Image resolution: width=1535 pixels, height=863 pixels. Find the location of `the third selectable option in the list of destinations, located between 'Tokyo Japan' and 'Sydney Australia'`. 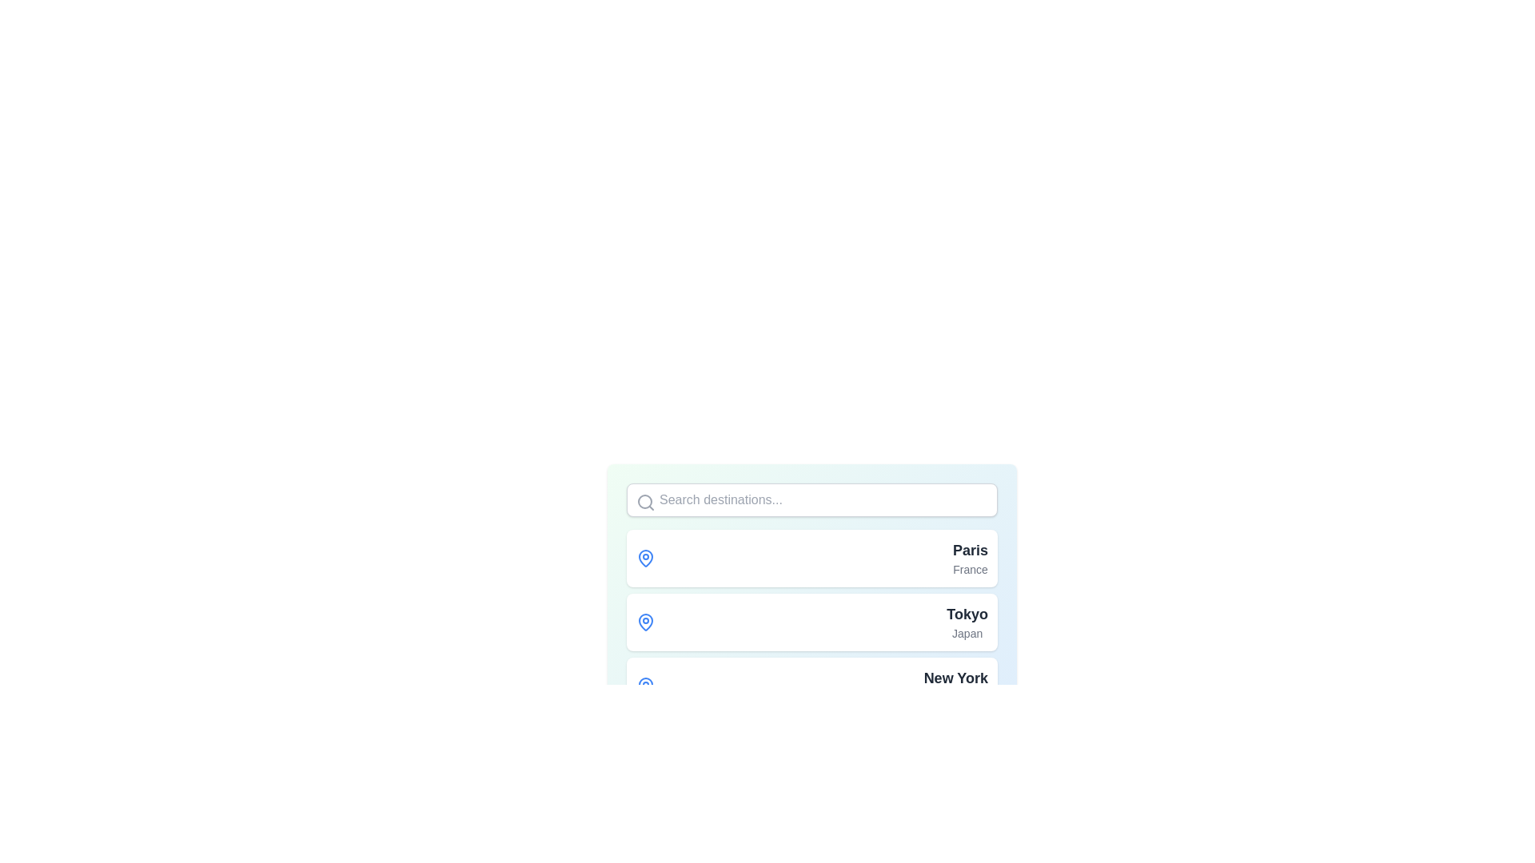

the third selectable option in the list of destinations, located between 'Tokyo Japan' and 'Sydney Australia' is located at coordinates (812, 686).